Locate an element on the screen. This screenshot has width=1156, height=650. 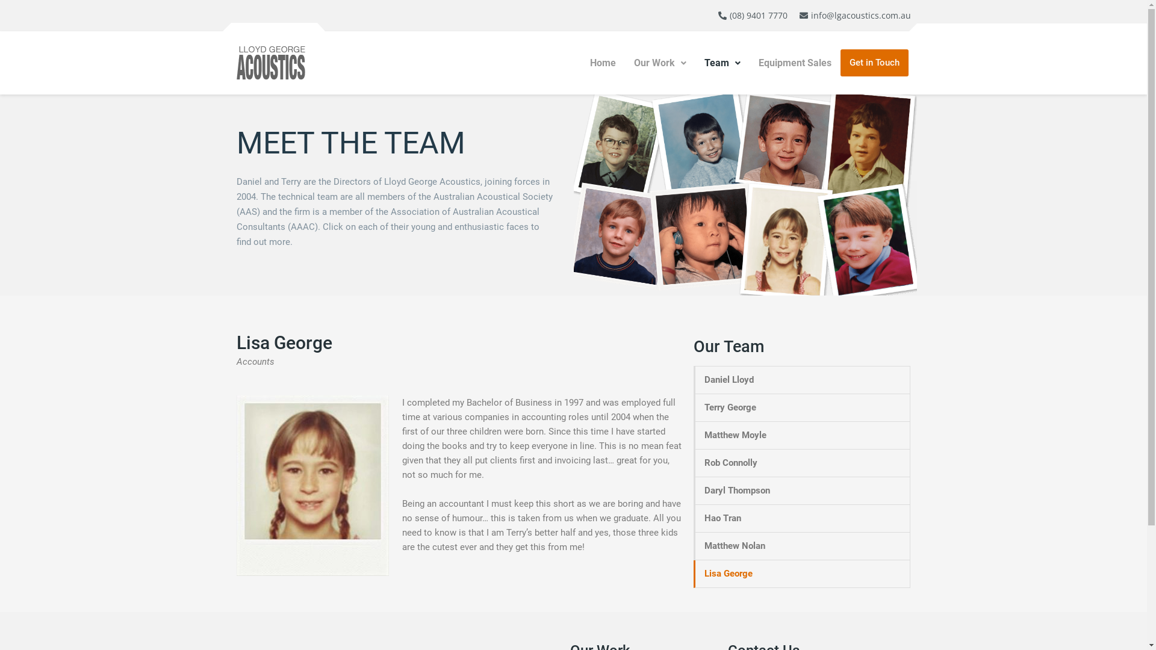
'Our Work' is located at coordinates (659, 63).